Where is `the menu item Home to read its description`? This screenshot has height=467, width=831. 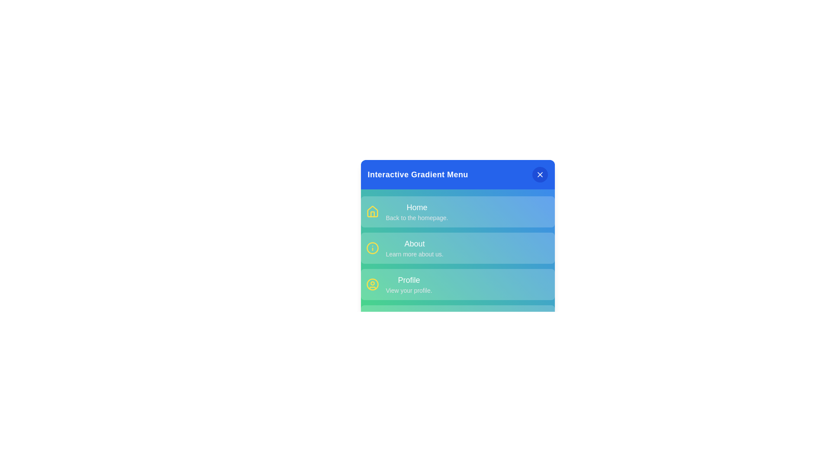 the menu item Home to read its description is located at coordinates (417, 207).